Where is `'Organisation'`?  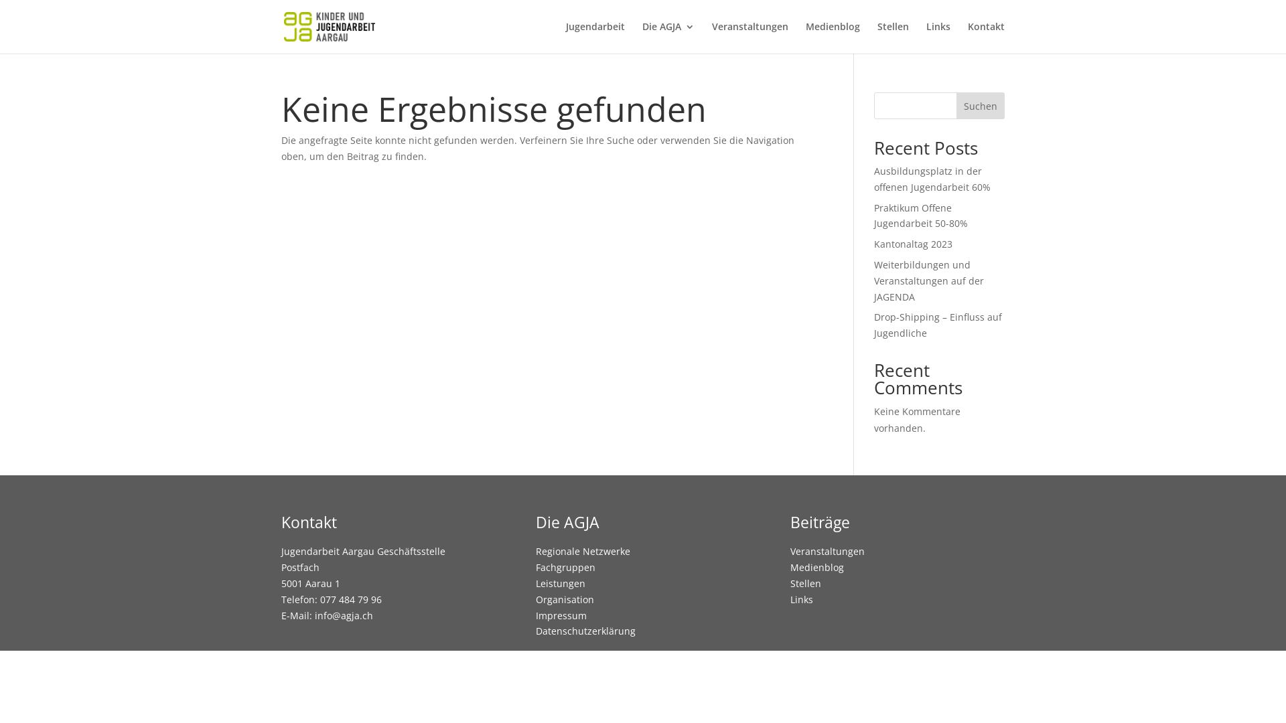
'Organisation' is located at coordinates (565, 598).